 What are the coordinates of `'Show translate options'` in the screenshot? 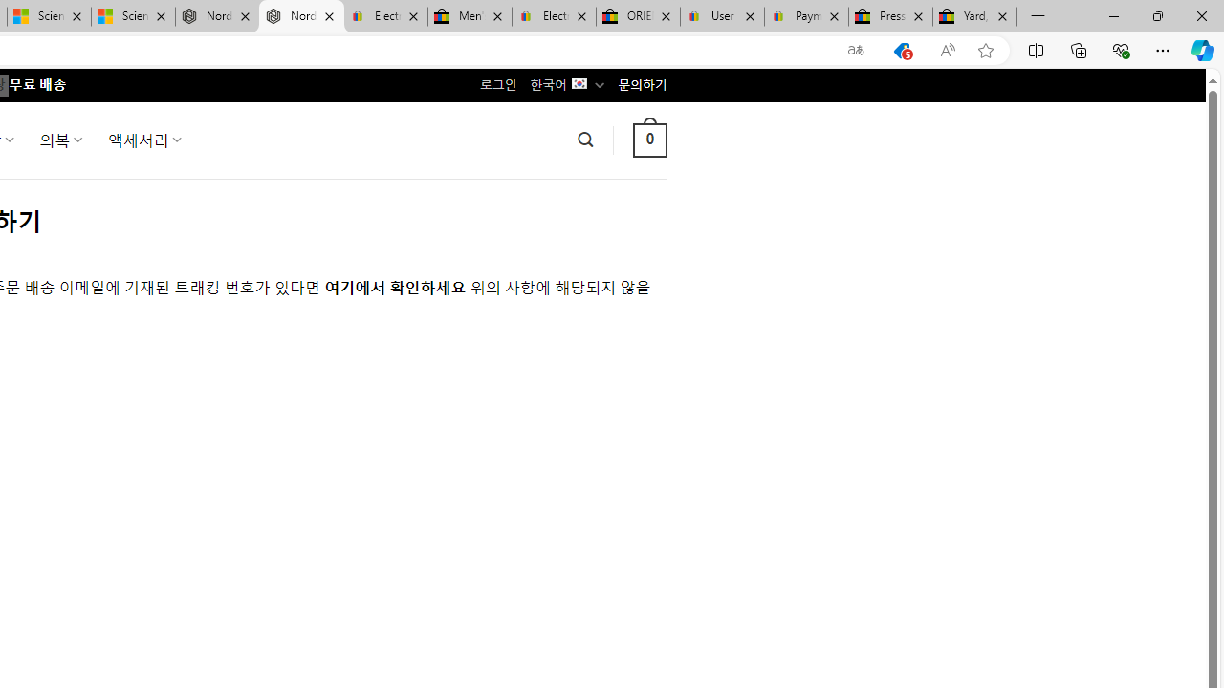 It's located at (855, 50).